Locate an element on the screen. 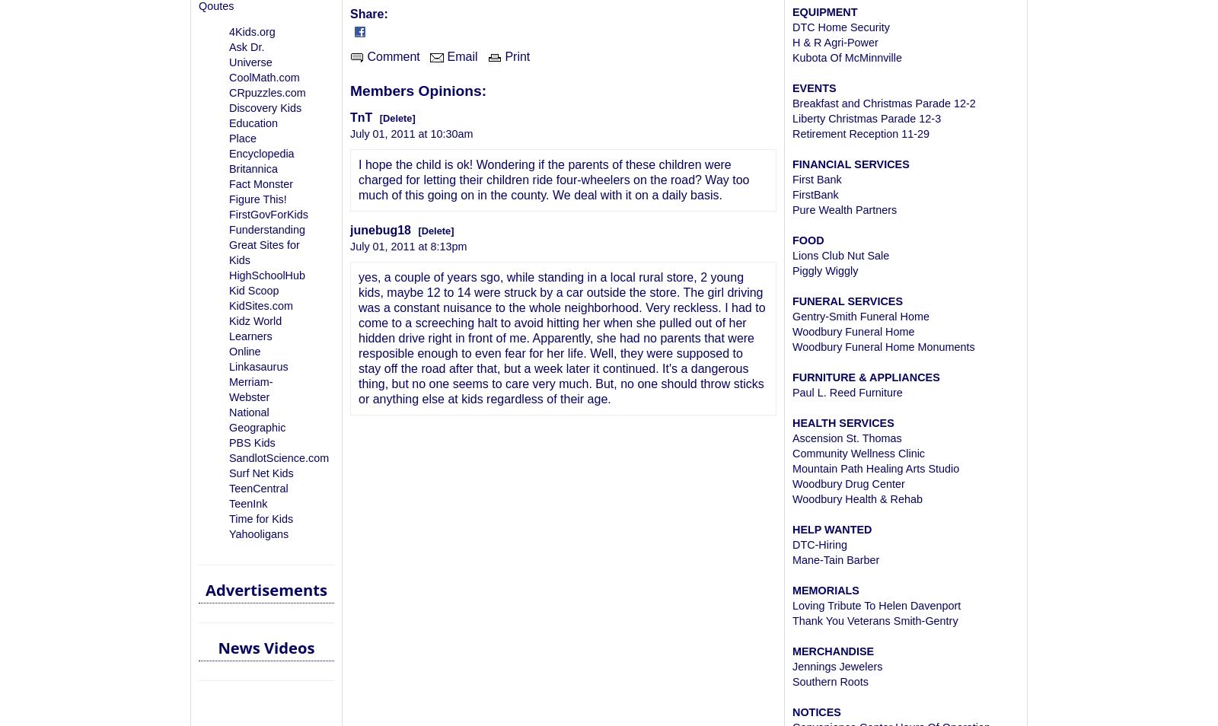 This screenshot has width=1218, height=726. 'Loving Tribute To Helen Davenport' is located at coordinates (876, 606).